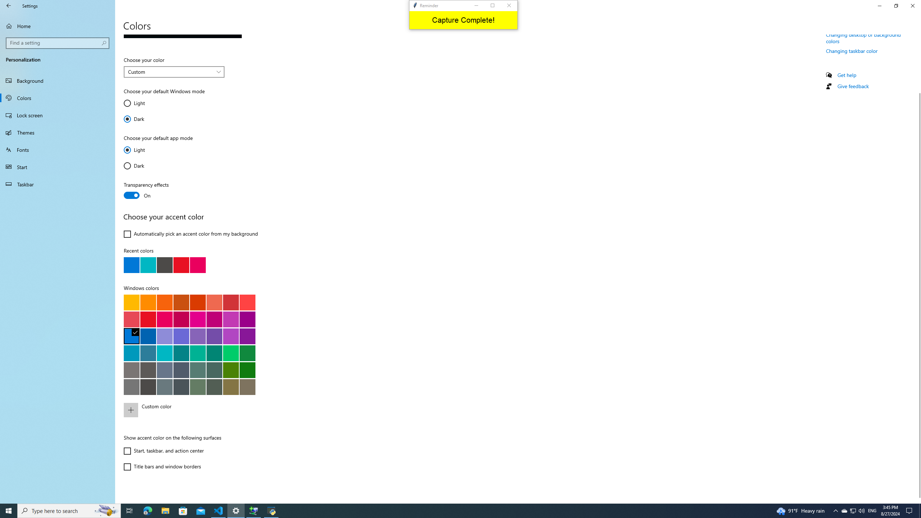 The image size is (921, 518). I want to click on 'Pale rust', so click(214, 302).